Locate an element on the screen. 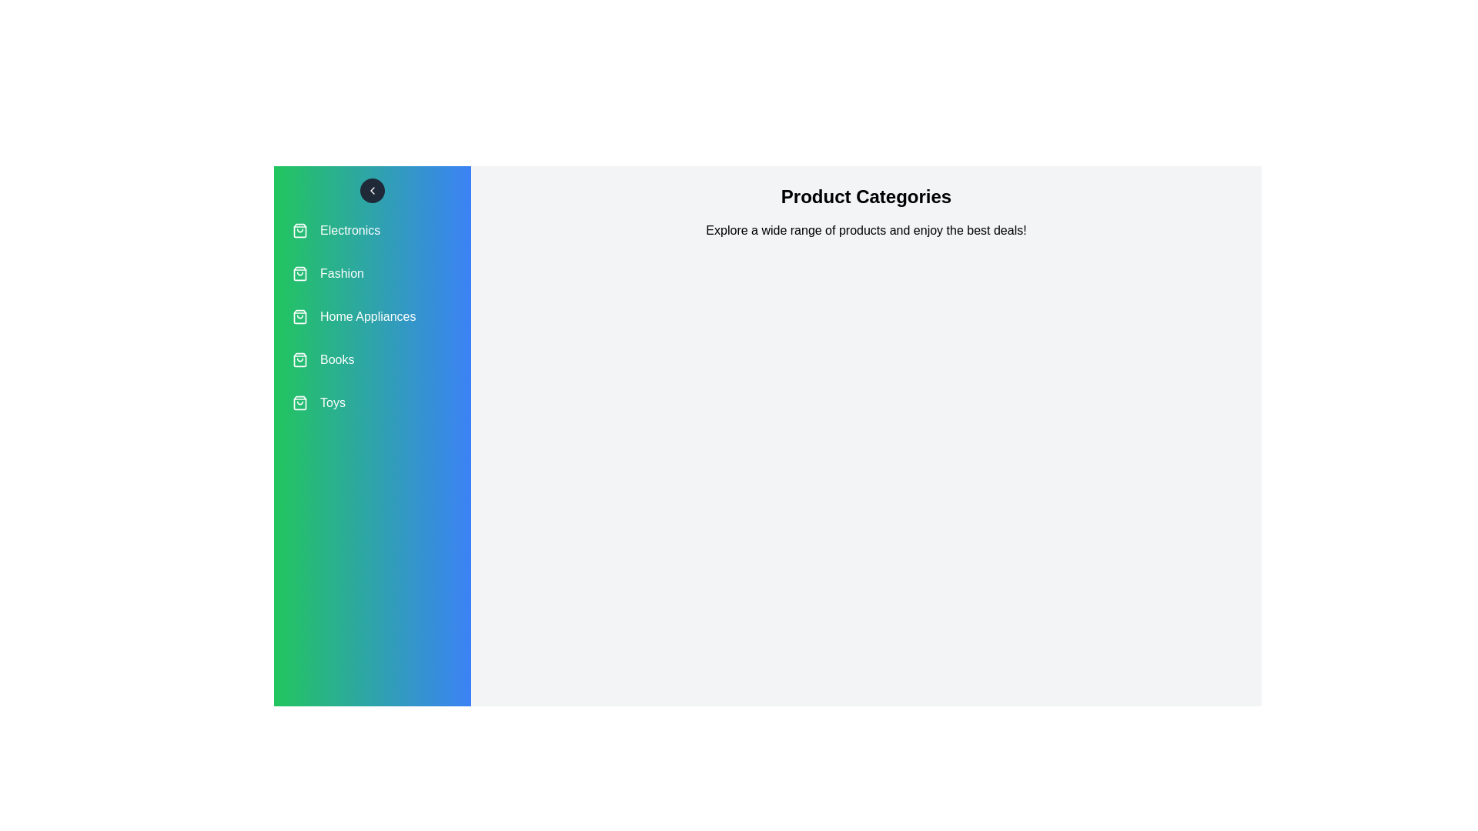 This screenshot has height=831, width=1478. the icon associated with the category Toys is located at coordinates (299, 402).